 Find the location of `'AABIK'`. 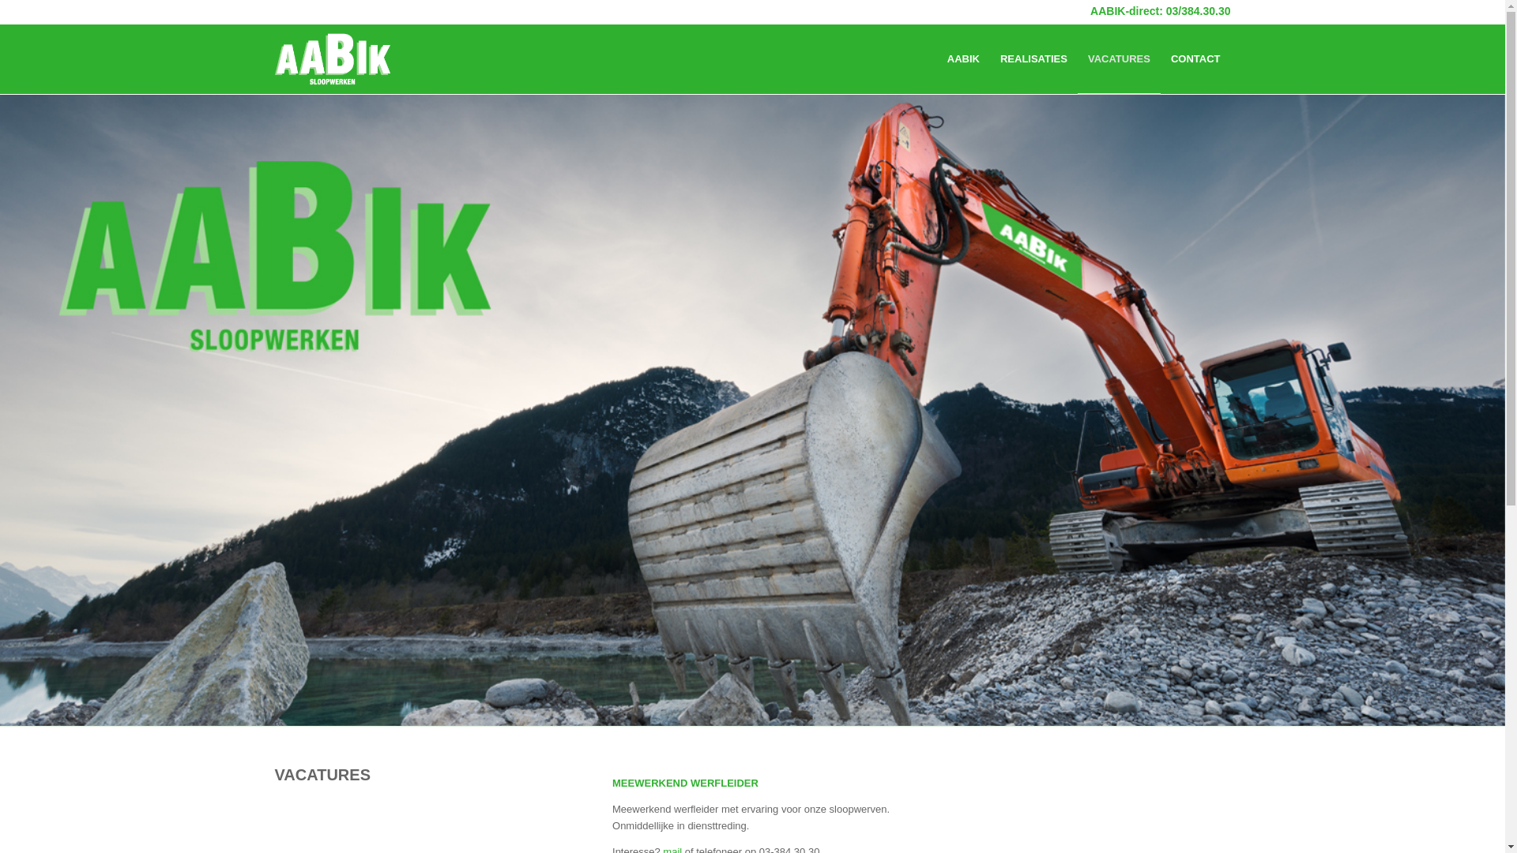

'AABIK' is located at coordinates (962, 58).